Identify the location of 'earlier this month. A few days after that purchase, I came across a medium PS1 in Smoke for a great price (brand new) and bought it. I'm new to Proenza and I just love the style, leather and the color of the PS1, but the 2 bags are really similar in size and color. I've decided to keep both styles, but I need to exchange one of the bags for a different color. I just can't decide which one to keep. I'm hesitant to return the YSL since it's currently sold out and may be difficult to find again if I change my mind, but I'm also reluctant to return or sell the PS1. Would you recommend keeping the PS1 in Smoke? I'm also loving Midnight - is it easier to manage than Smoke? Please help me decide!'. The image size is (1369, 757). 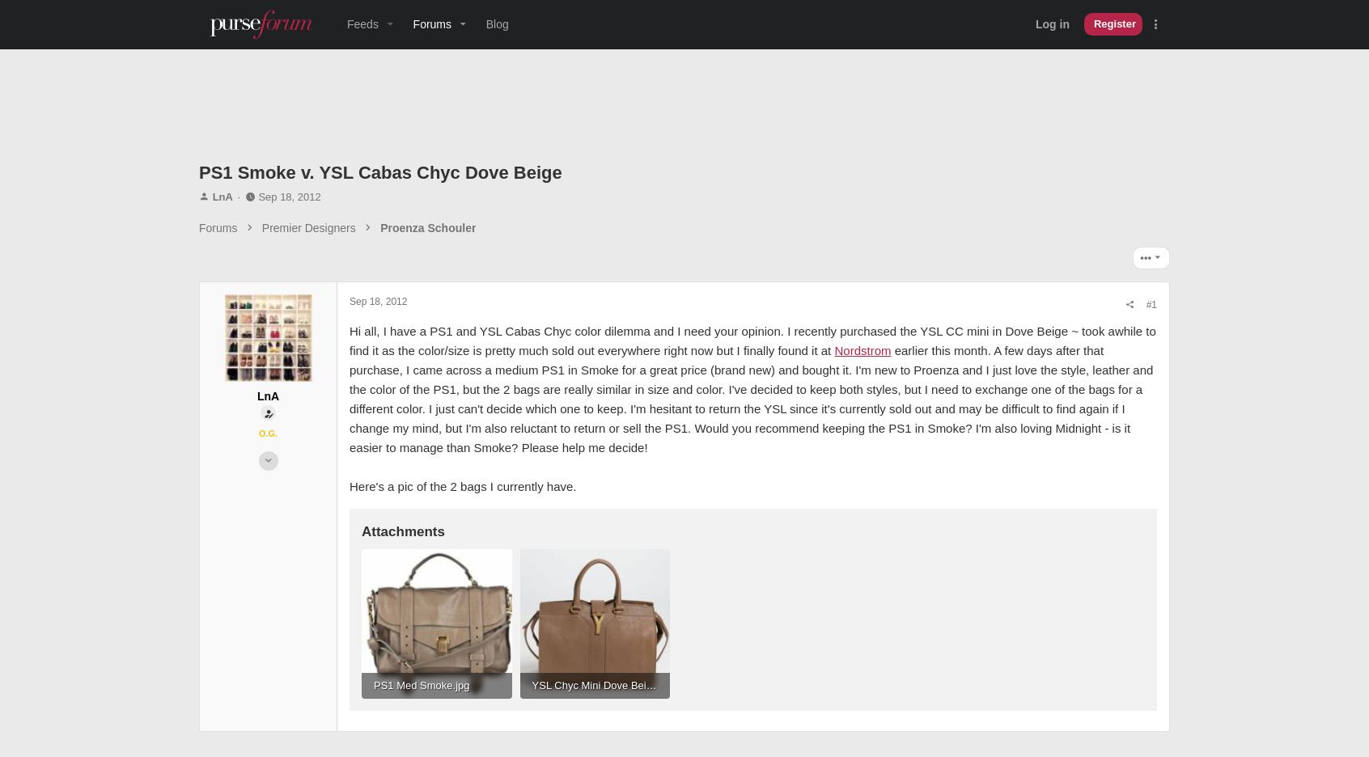
(348, 437).